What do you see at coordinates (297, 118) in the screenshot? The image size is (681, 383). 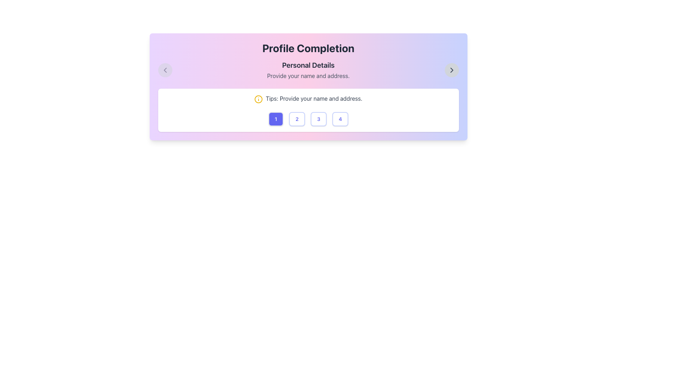 I see `the second button in the horizontal group of navigation buttons` at bounding box center [297, 118].